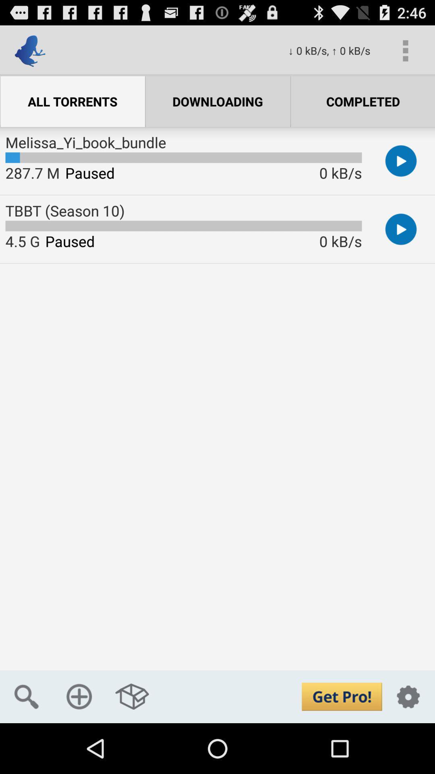  What do you see at coordinates (26, 745) in the screenshot?
I see `the search icon` at bounding box center [26, 745].